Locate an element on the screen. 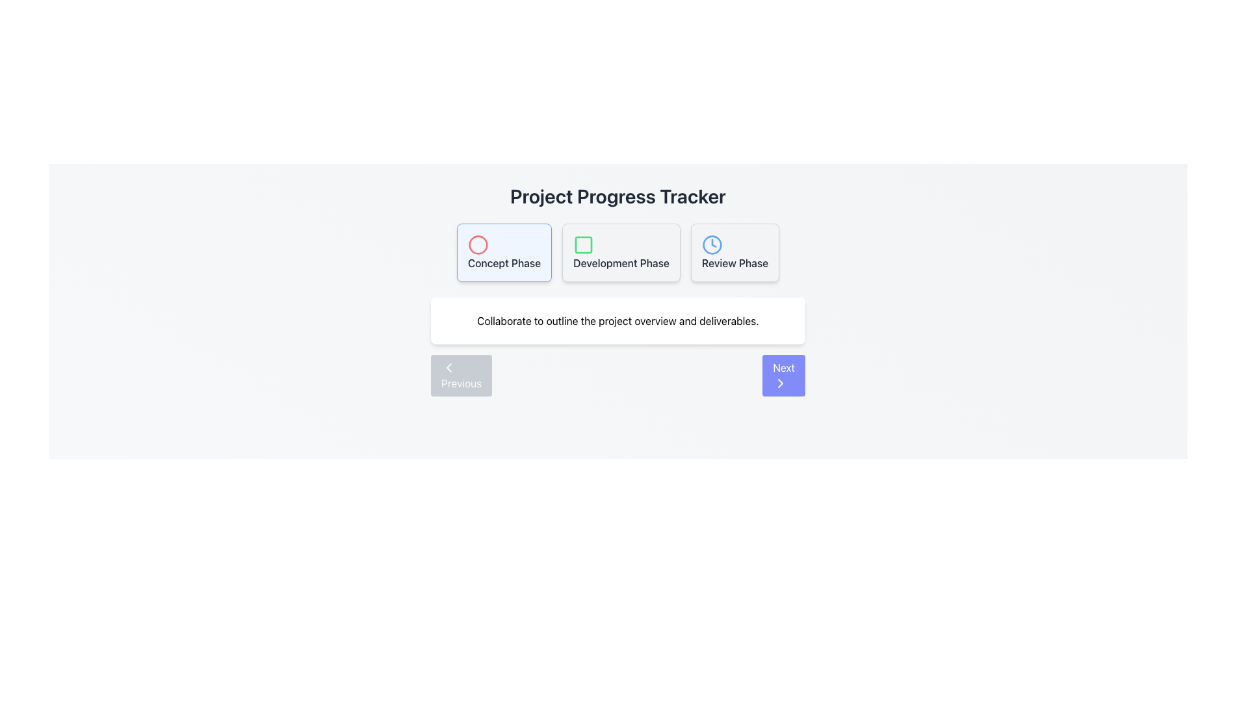 This screenshot has height=702, width=1248. the green-bordered square icon with a transparent center located above the text 'Development Phase' within the 'Development Phase' card is located at coordinates (583, 245).